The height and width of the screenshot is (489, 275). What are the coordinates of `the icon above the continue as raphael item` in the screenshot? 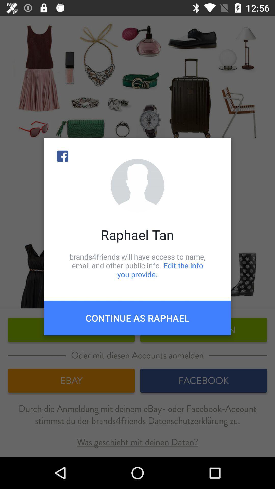 It's located at (137, 265).